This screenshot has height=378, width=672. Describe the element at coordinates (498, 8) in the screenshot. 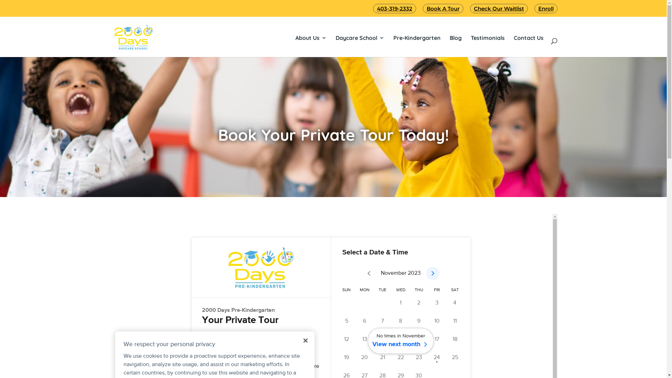

I see `'Check Our Waitlist'` at that location.